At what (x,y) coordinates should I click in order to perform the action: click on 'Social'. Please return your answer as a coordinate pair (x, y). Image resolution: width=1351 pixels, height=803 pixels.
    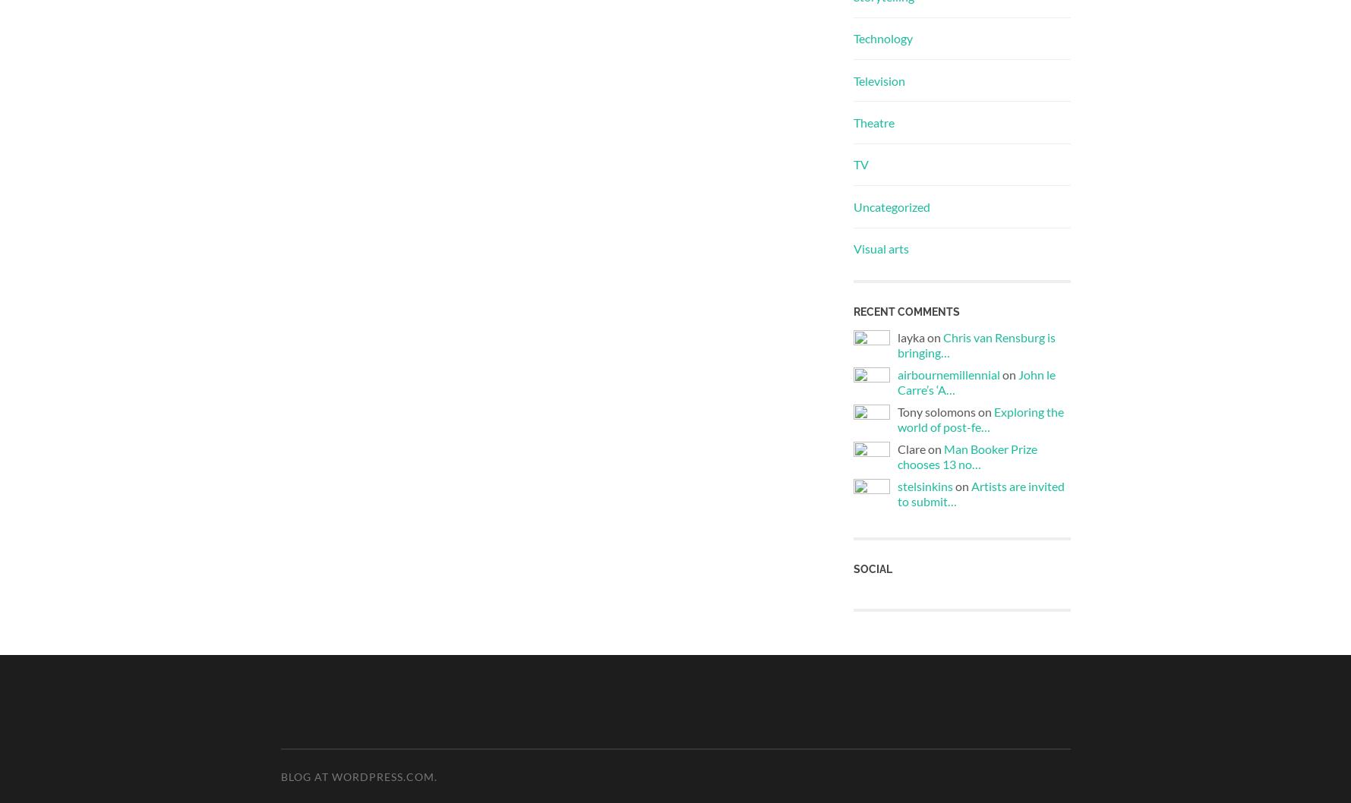
    Looking at the image, I should click on (872, 568).